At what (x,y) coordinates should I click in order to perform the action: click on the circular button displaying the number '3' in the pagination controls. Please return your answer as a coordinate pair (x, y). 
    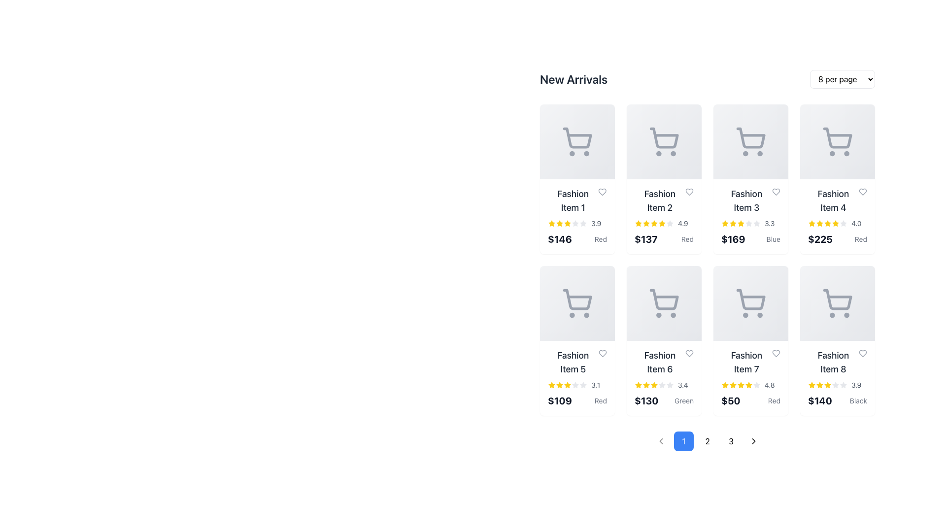
    Looking at the image, I should click on (731, 440).